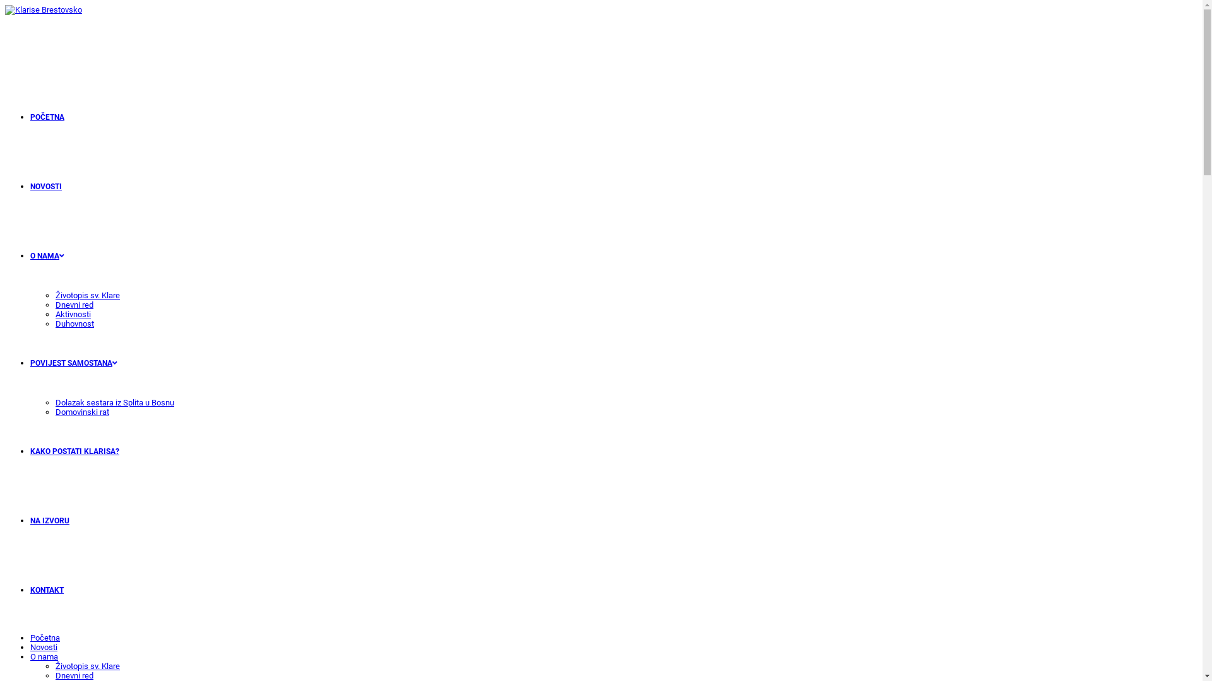 This screenshot has width=1212, height=681. What do you see at coordinates (47, 590) in the screenshot?
I see `'KONTAKT'` at bounding box center [47, 590].